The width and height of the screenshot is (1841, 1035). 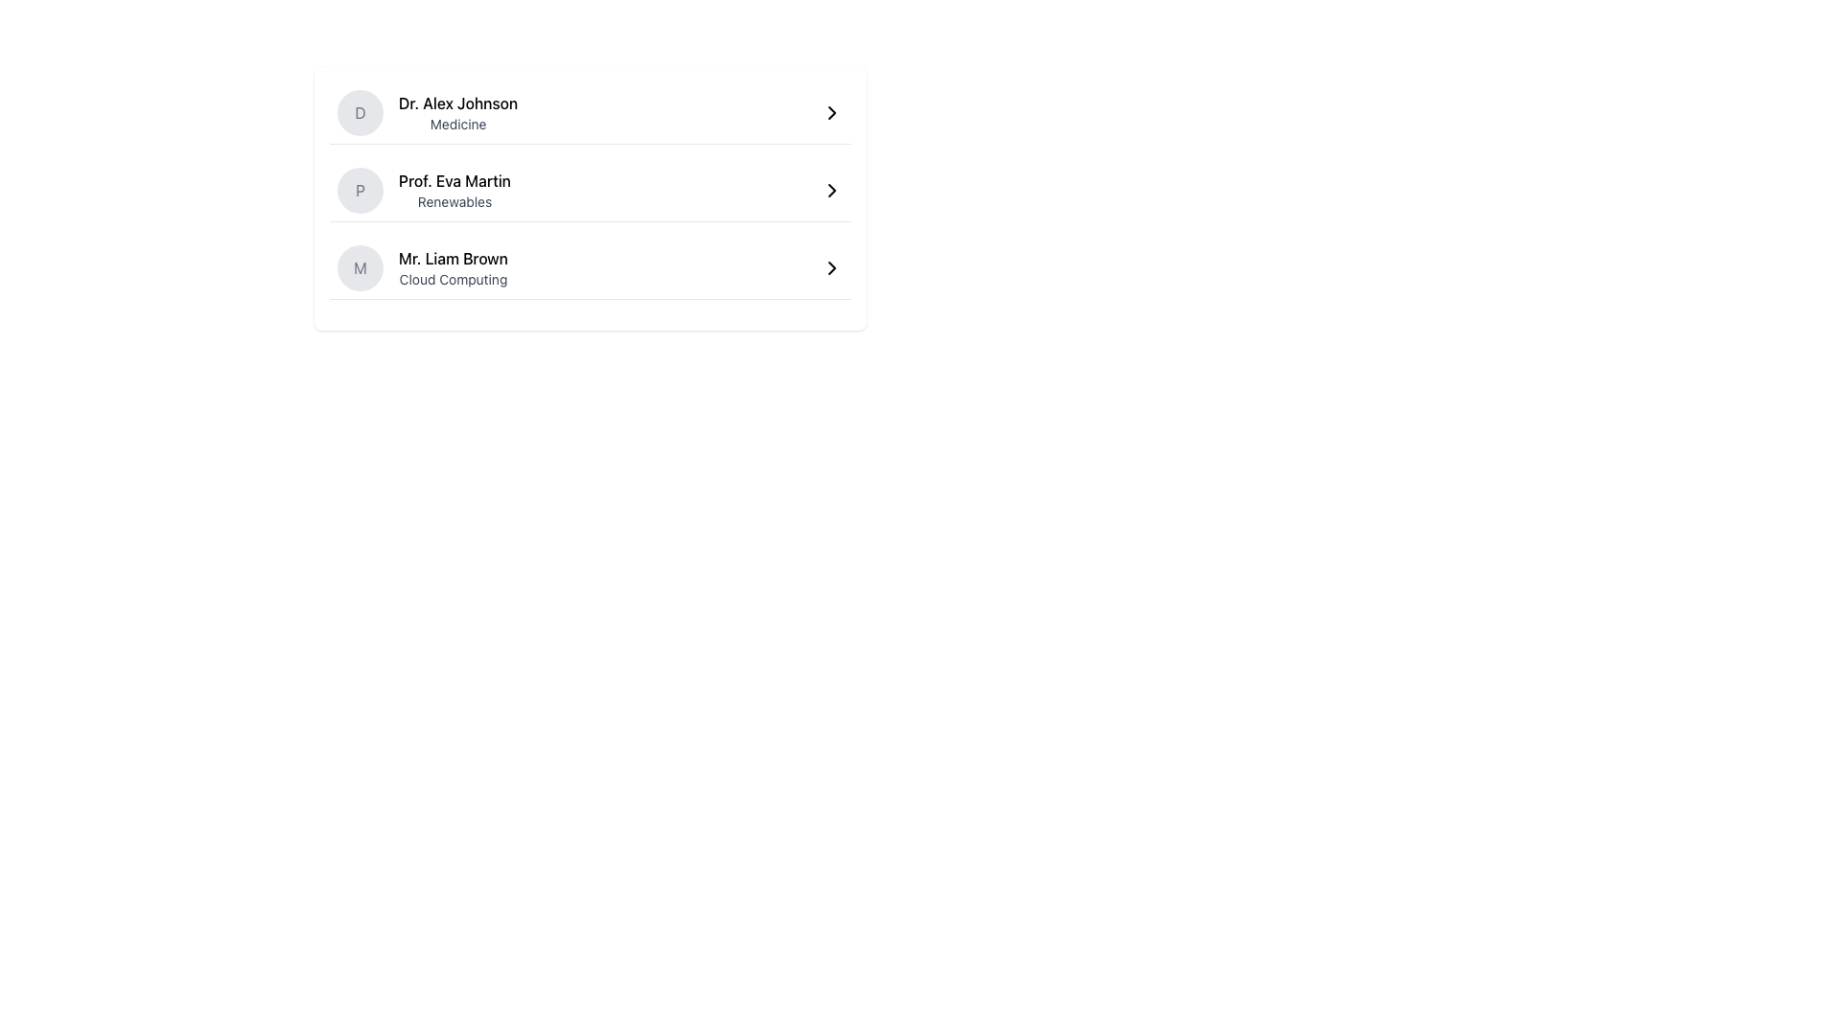 What do you see at coordinates (452, 280) in the screenshot?
I see `Text Label located below the primary name label 'Mr. Liam Brown' in the third entry of a vertically aligned list to gather information about the person's expertise or profession` at bounding box center [452, 280].